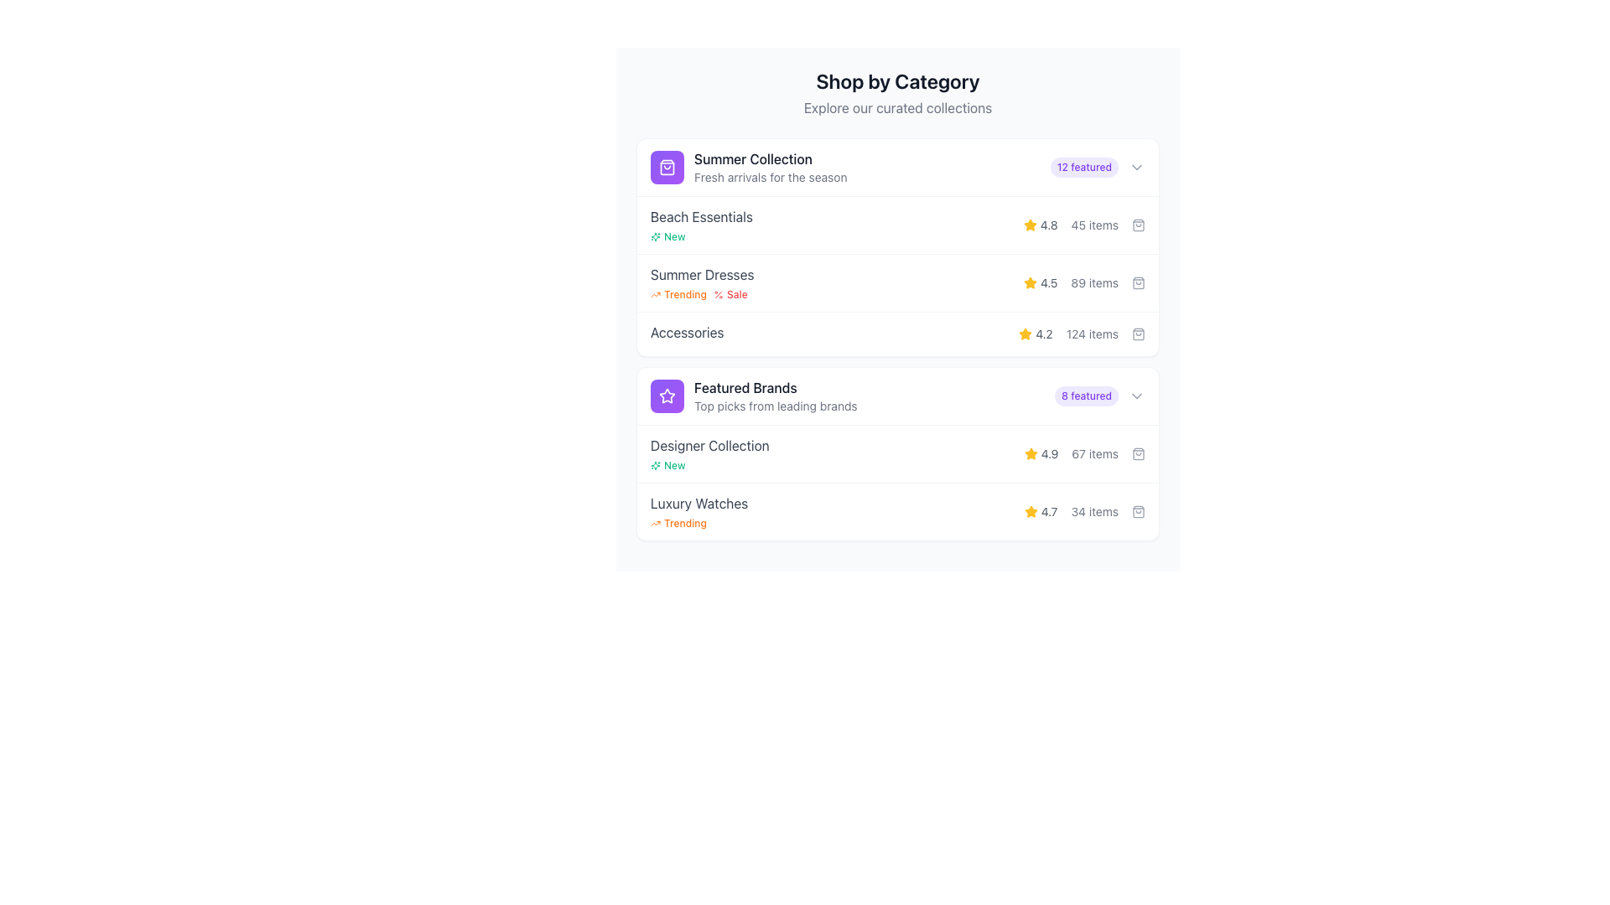 This screenshot has width=1610, height=905. Describe the element at coordinates (1029, 224) in the screenshot. I see `the amber star-shaped icon located in the 'Beach Essentials' row of the 'Shop by Category' section, which is positioned to the right of the '4.8' rating label` at that location.